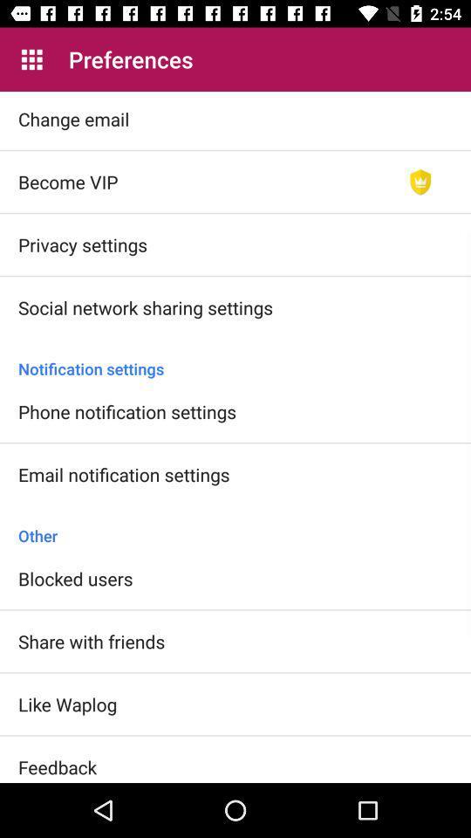 This screenshot has height=838, width=471. Describe the element at coordinates (74, 578) in the screenshot. I see `blocked users item` at that location.